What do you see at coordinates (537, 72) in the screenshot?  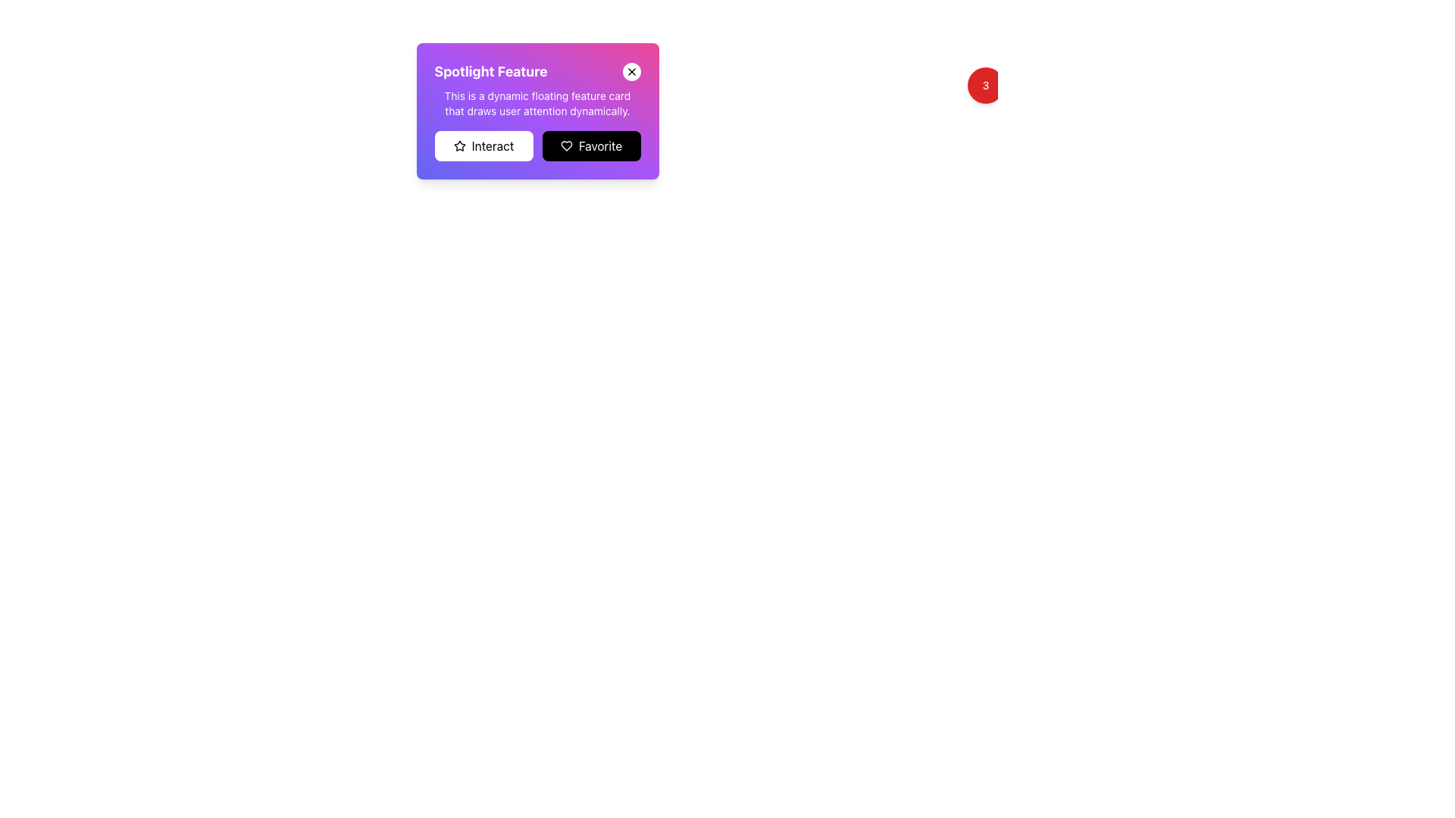 I see `the header section labeled 'Spotlight Feature', which is styled with a bold and large font at the top of a gradient background card` at bounding box center [537, 72].